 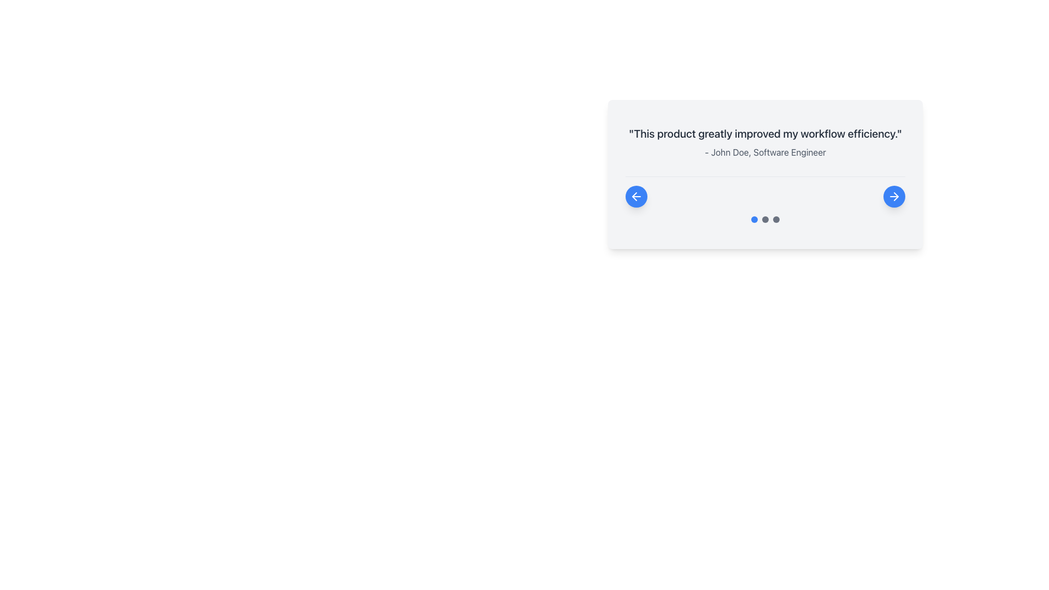 I want to click on the Carousel Navigation Bar located at the center-bottom of the testimonial card to activate potential hover effects, so click(x=765, y=191).